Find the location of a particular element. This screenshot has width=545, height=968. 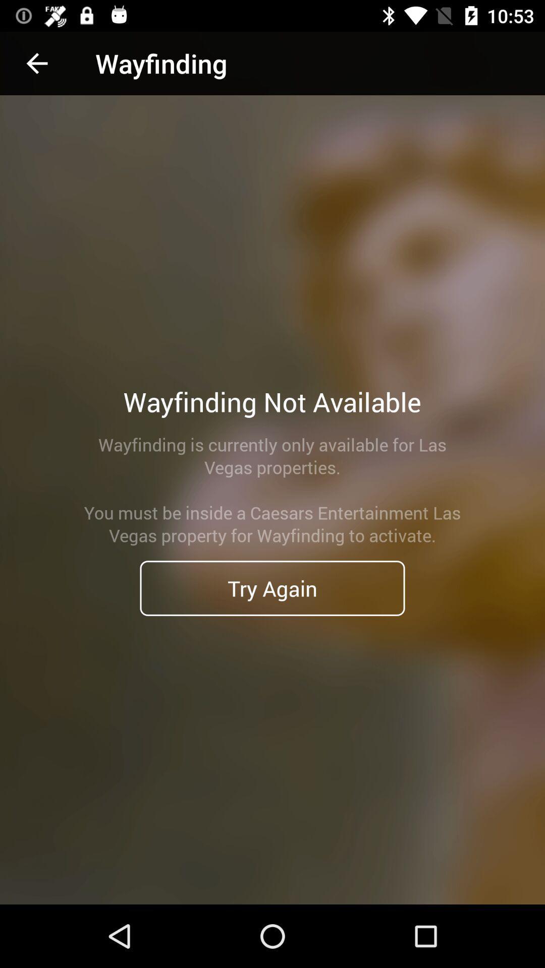

item next to the wayfinding icon is located at coordinates (36, 63).